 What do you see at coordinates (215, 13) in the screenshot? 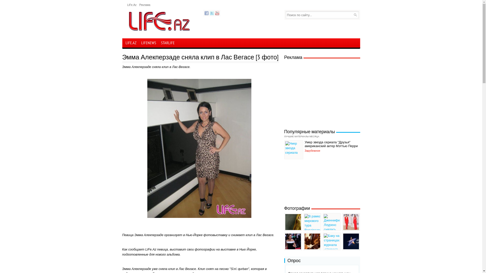
I see `'YouTube'` at bounding box center [215, 13].